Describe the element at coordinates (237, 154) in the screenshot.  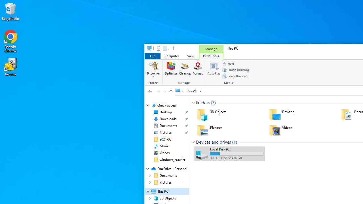
I see `'Space used'` at that location.